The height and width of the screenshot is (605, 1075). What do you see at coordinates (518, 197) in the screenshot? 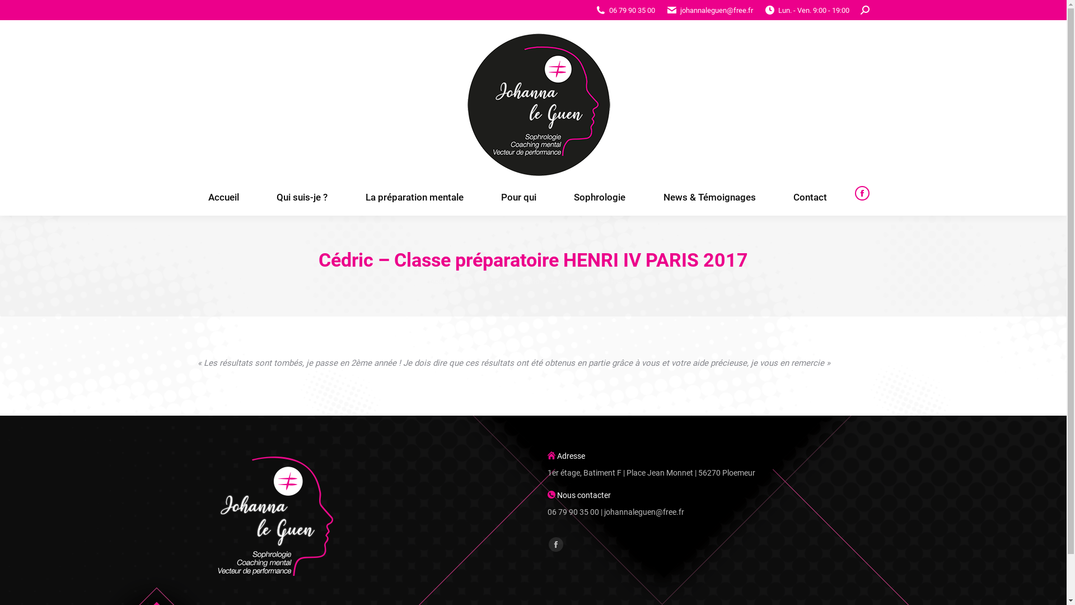
I see `'Pour qui'` at bounding box center [518, 197].